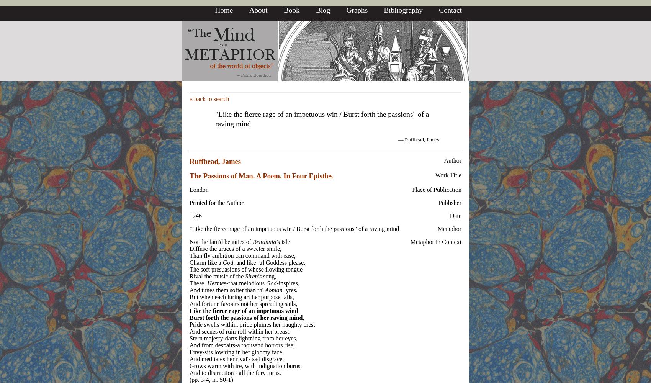 This screenshot has height=383, width=651. Describe the element at coordinates (243, 303) in the screenshot. I see `'And fortune favours not her spreading sails,'` at that location.